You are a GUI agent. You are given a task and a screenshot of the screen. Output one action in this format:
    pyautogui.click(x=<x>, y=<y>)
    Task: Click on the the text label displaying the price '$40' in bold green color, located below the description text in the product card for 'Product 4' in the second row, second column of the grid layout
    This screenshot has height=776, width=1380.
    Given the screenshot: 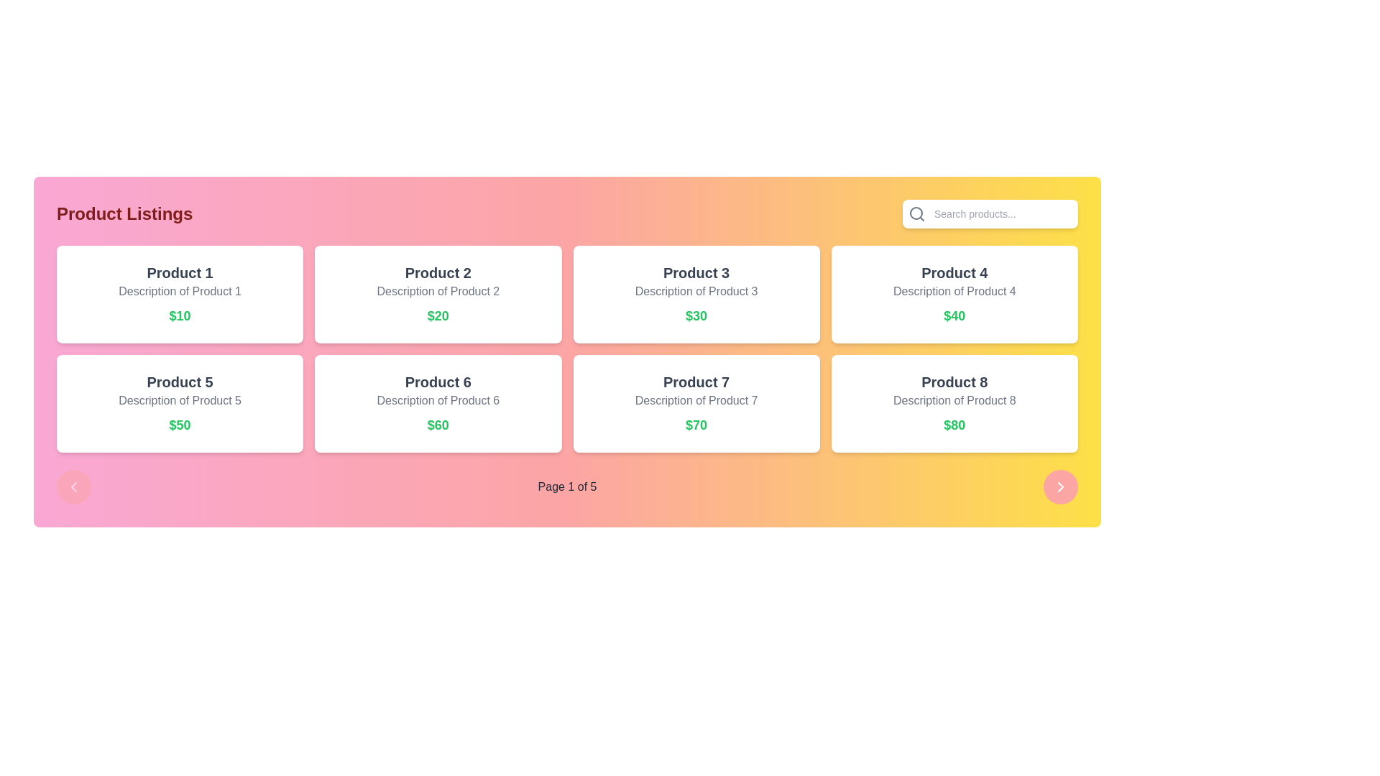 What is the action you would take?
    pyautogui.click(x=954, y=315)
    